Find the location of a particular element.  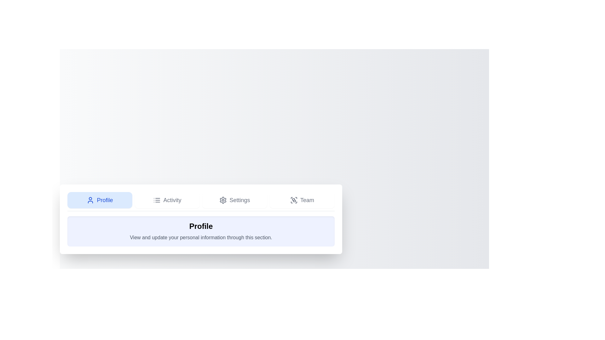

the tab labeled 'Profile' is located at coordinates (99, 200).